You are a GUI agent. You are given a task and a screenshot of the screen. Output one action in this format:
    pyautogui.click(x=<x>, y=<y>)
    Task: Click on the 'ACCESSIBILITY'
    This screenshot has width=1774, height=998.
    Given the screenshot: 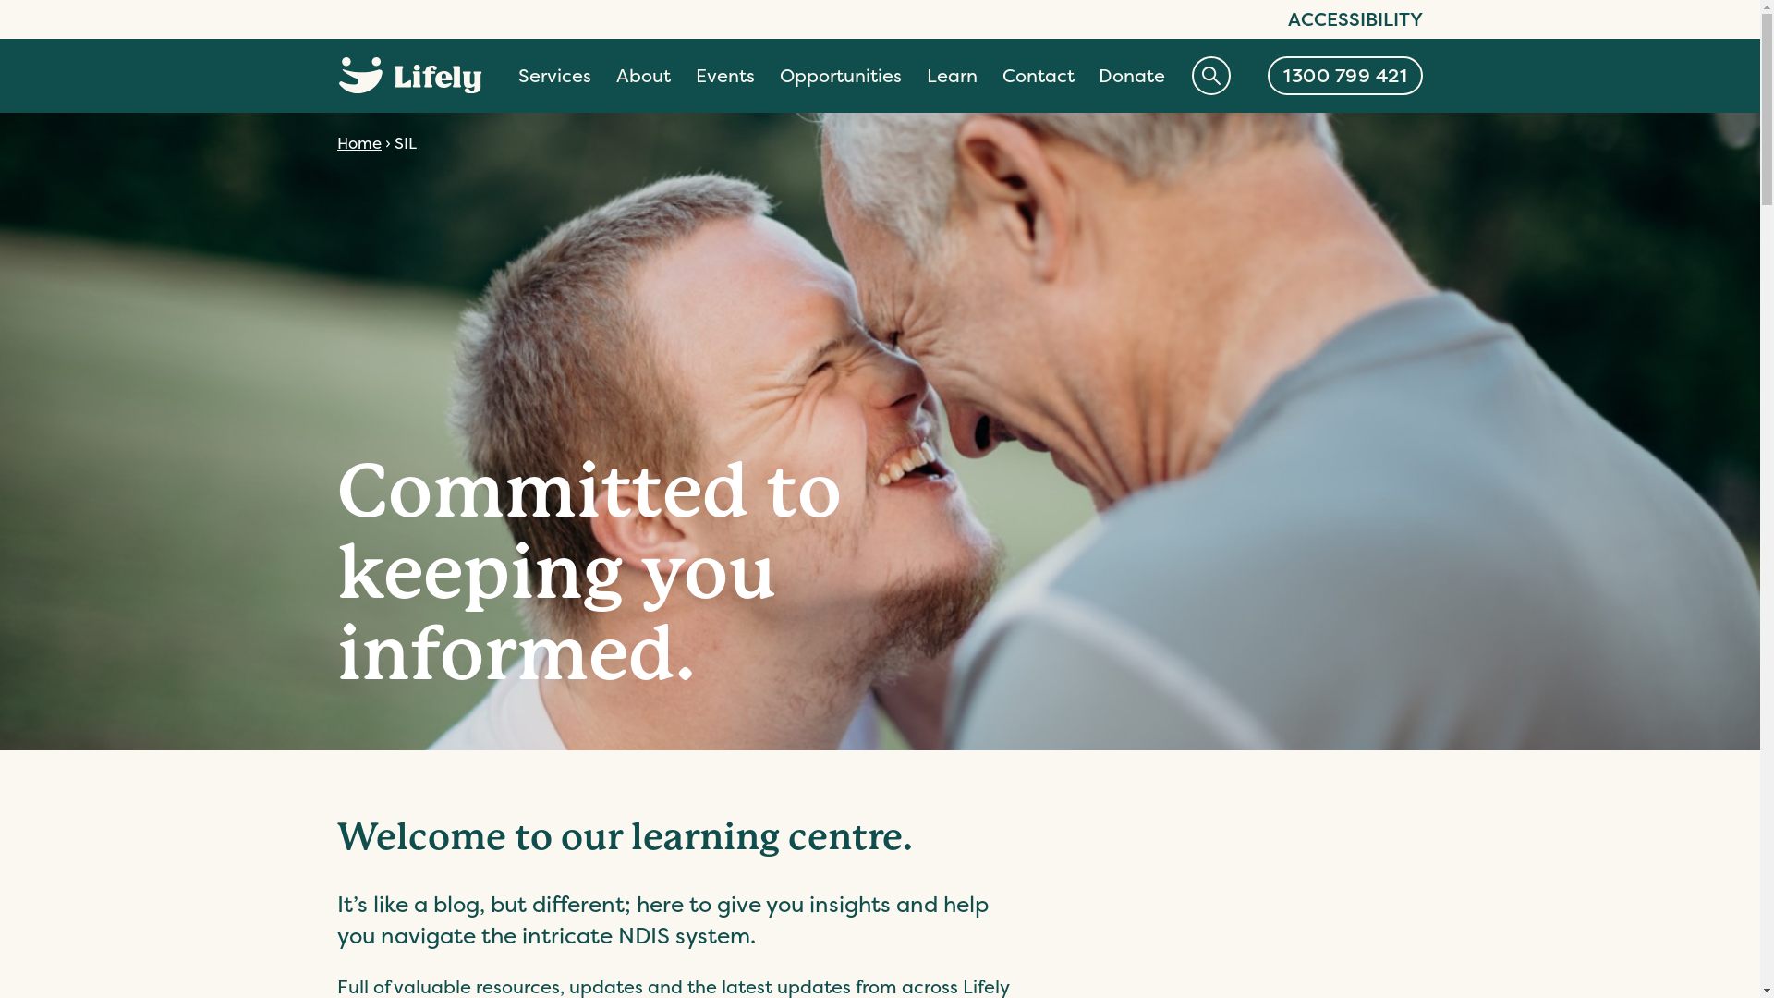 What is the action you would take?
    pyautogui.click(x=1355, y=18)
    